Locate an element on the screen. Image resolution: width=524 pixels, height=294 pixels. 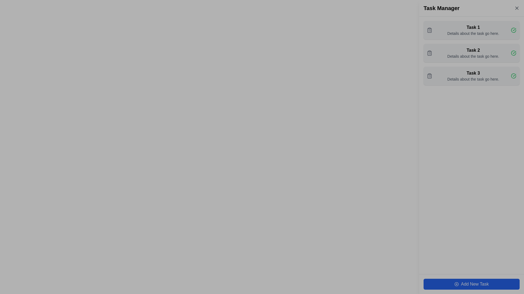
the static text label that provides additional information about 'Task 2', located under the 'Task 2' title in the task manager interface is located at coordinates (473, 56).